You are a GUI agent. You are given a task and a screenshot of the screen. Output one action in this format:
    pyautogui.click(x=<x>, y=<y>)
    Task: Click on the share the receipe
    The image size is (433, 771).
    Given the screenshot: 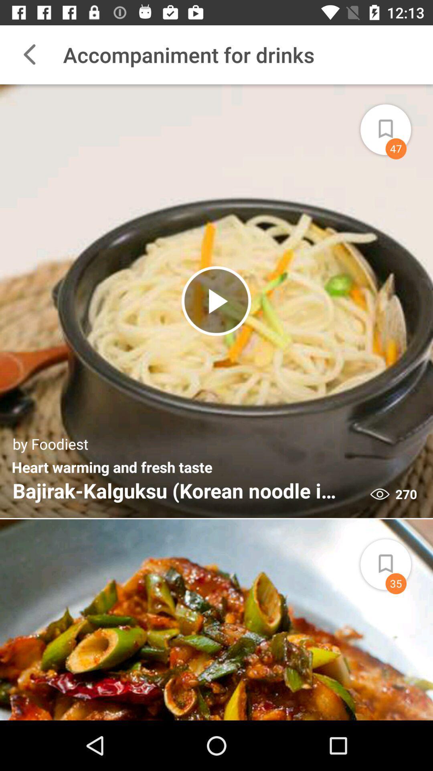 What is the action you would take?
    pyautogui.click(x=395, y=124)
    